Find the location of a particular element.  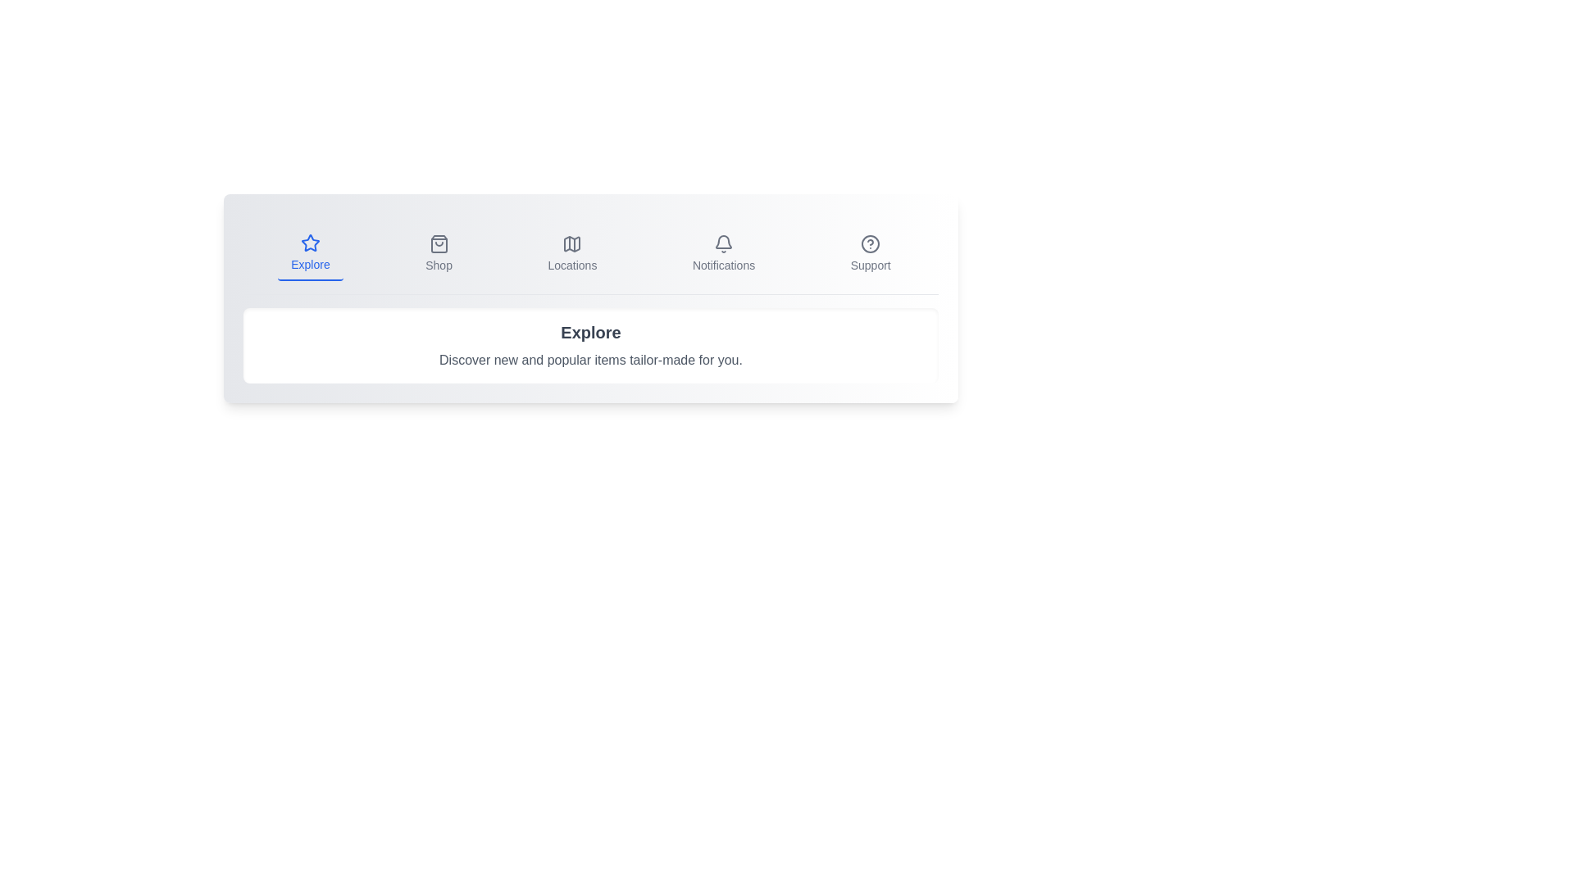

the 'Explore' button, which features a blue star-shaped icon and the text 'Explore' below it is located at coordinates (311, 253).